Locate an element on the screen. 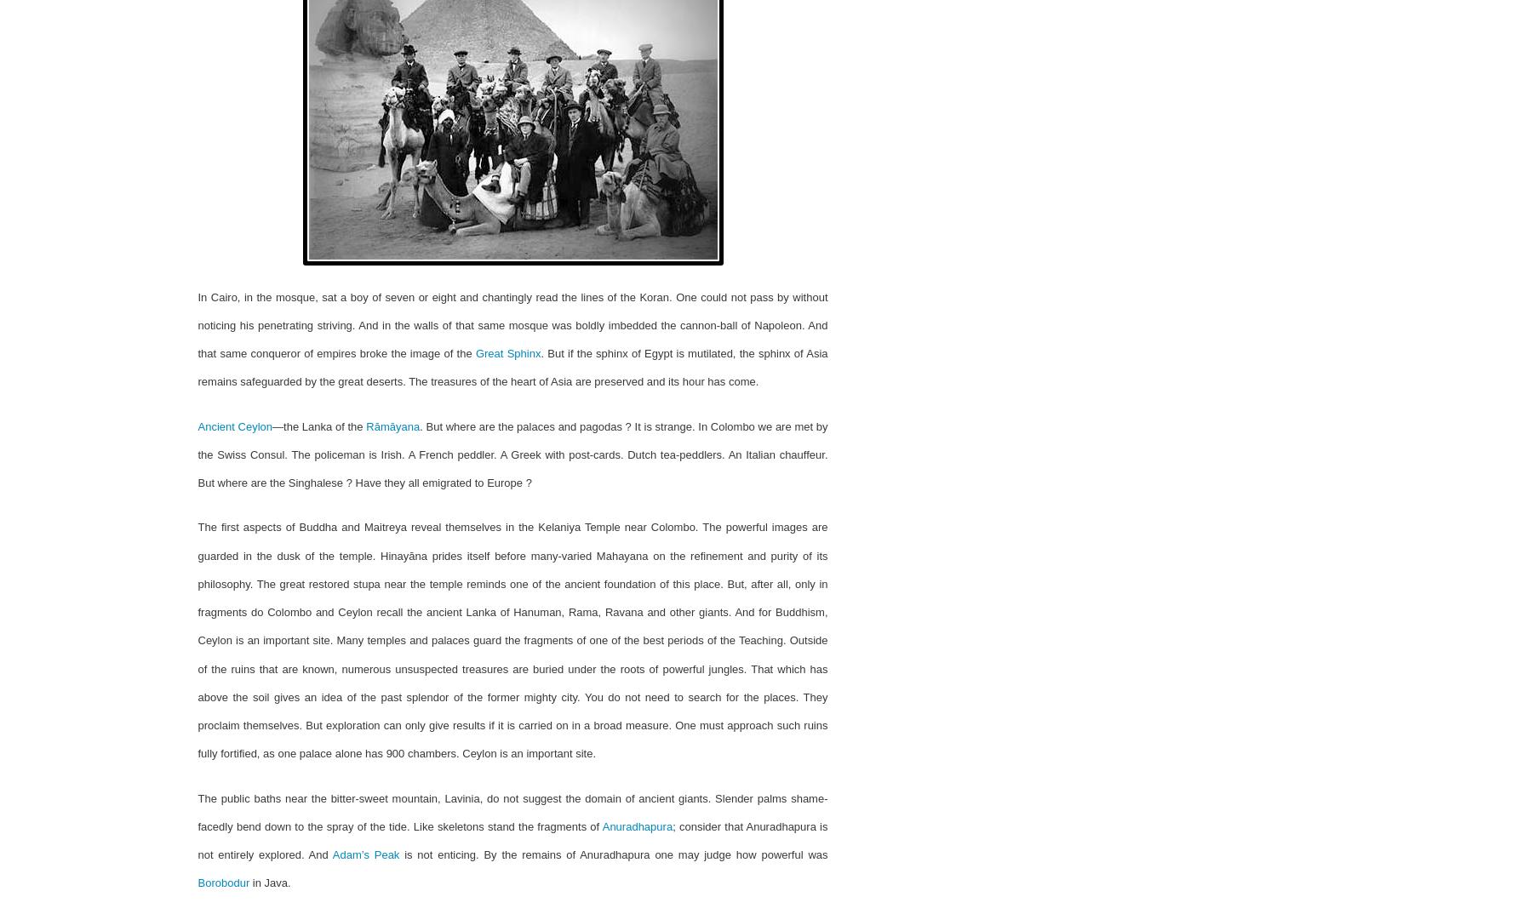  'The public baths near the bitter-sweet mountain, Lavinia, do not suggest the domain of ancient giants. Slender palms shame-facedly bend down to the spray of the tide. Like skeletons stand the fragments of' is located at coordinates (512, 812).